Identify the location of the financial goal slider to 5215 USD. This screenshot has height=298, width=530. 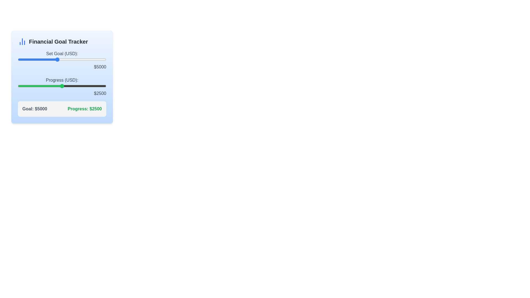
(59, 60).